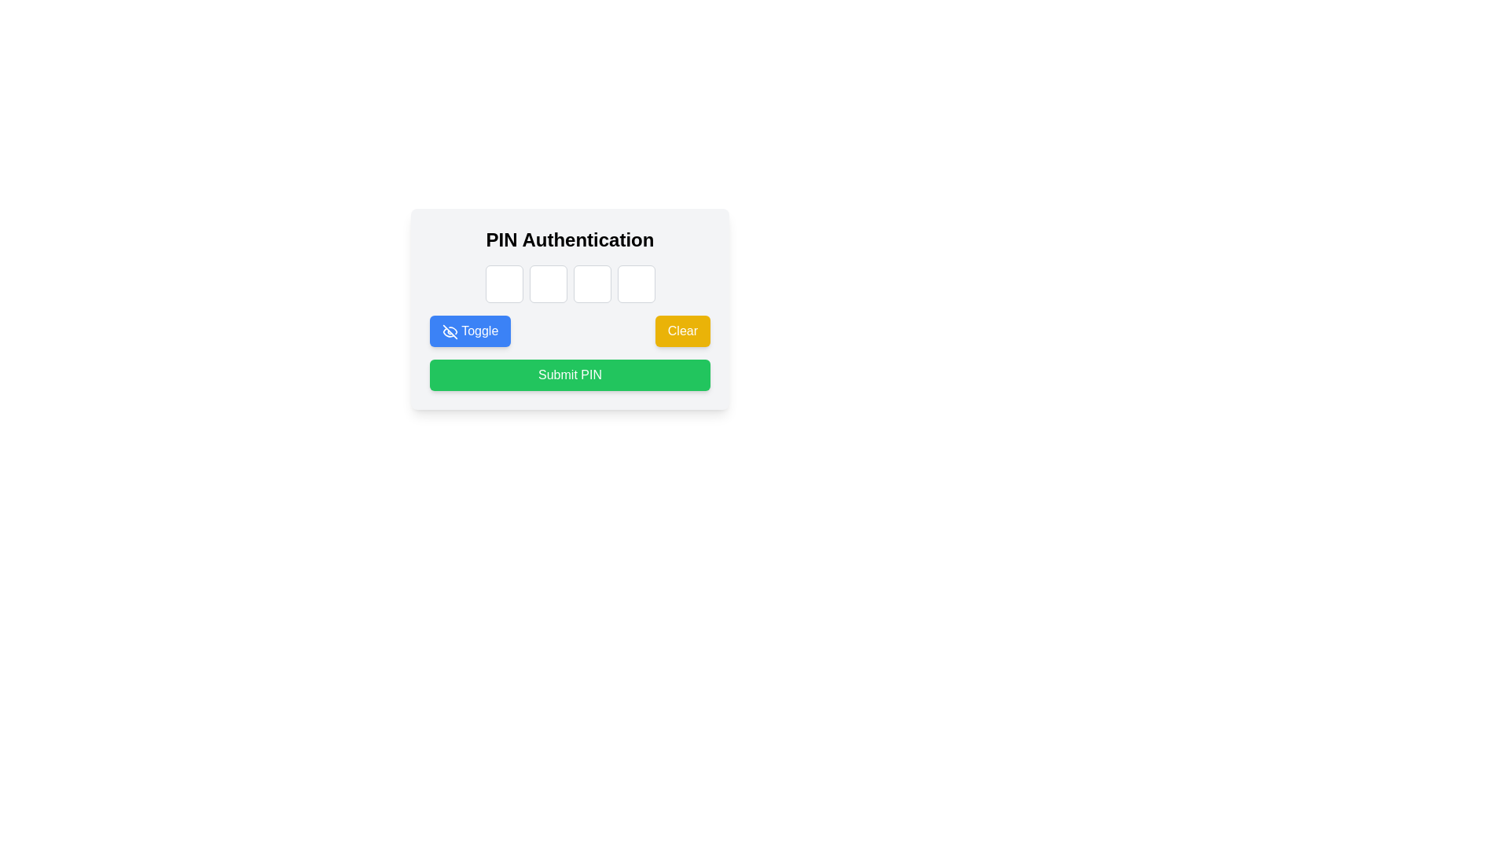  What do you see at coordinates (682, 330) in the screenshot?
I see `the 'Clear' button to reset inputs or actions on the current interface, which is located to the right of the 'Toggle' button` at bounding box center [682, 330].